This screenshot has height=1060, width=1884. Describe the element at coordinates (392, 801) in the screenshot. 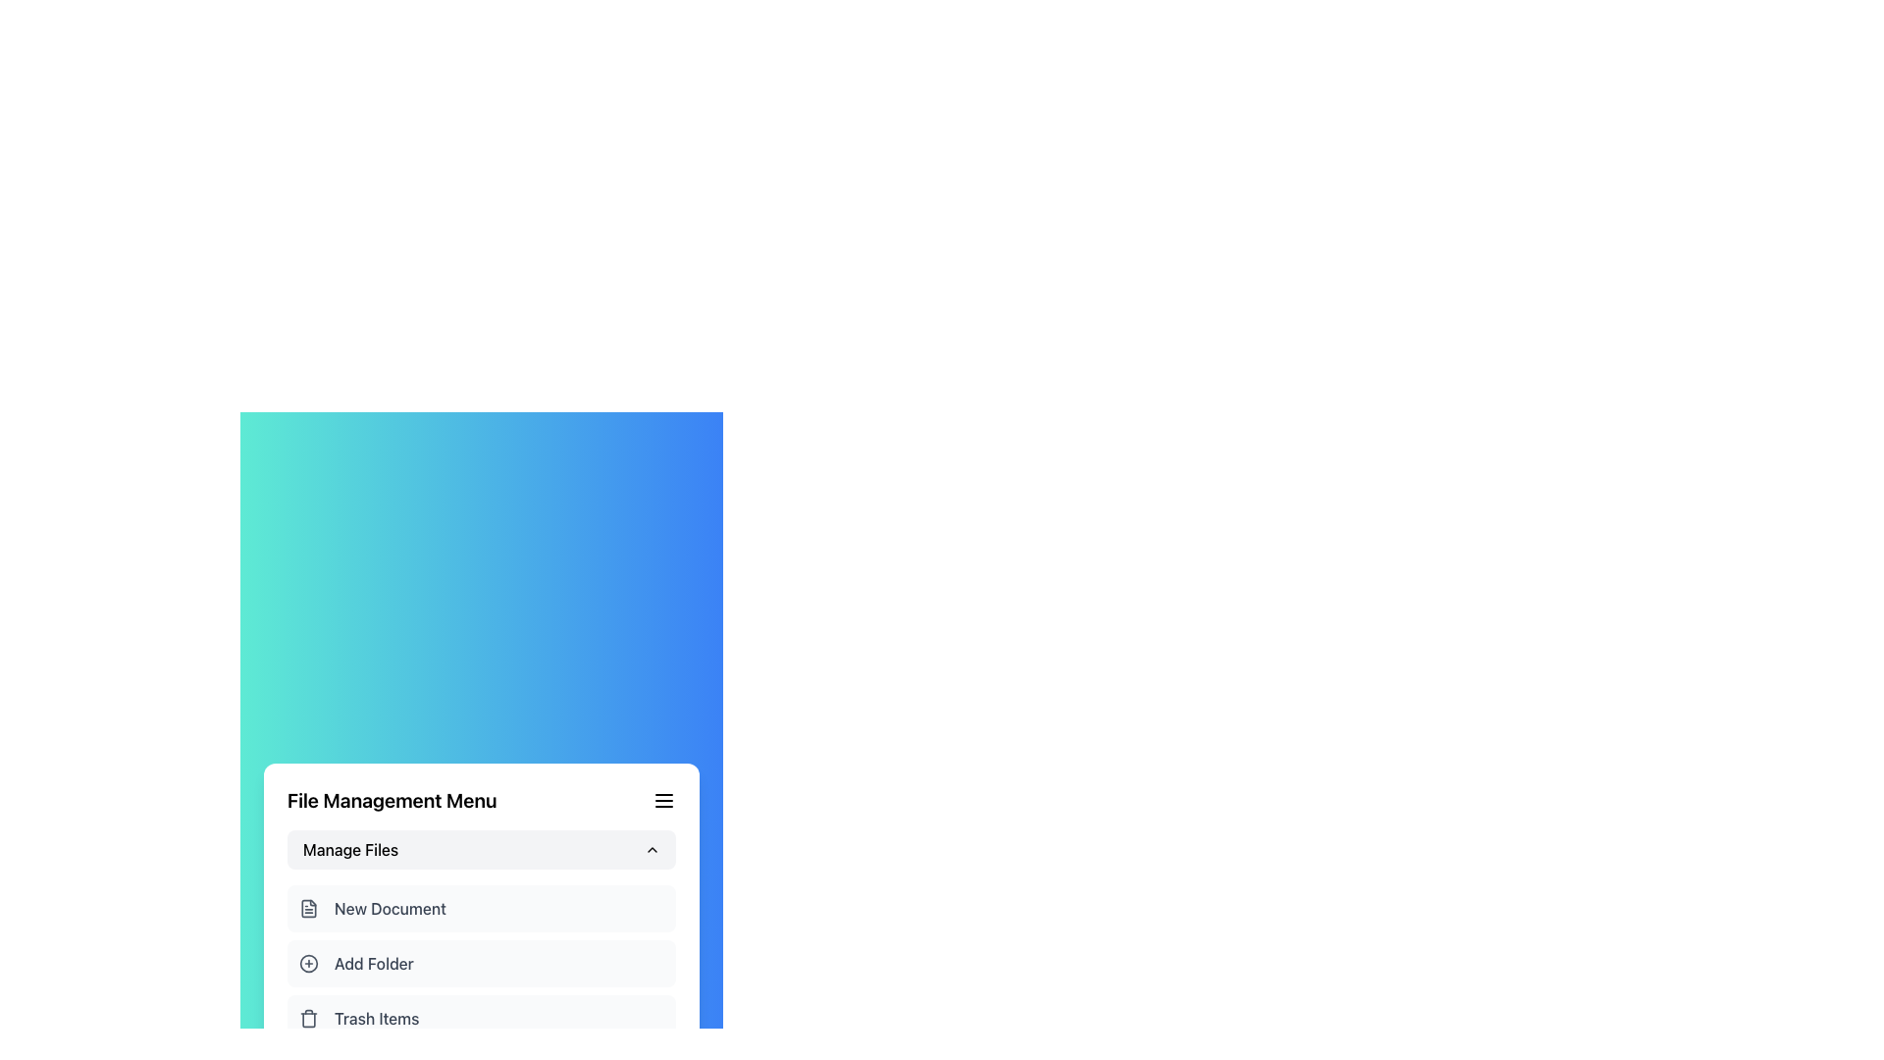

I see `the bold, black-text label that says 'File Management Menu', which is prominently positioned in the header of the file management interface` at that location.